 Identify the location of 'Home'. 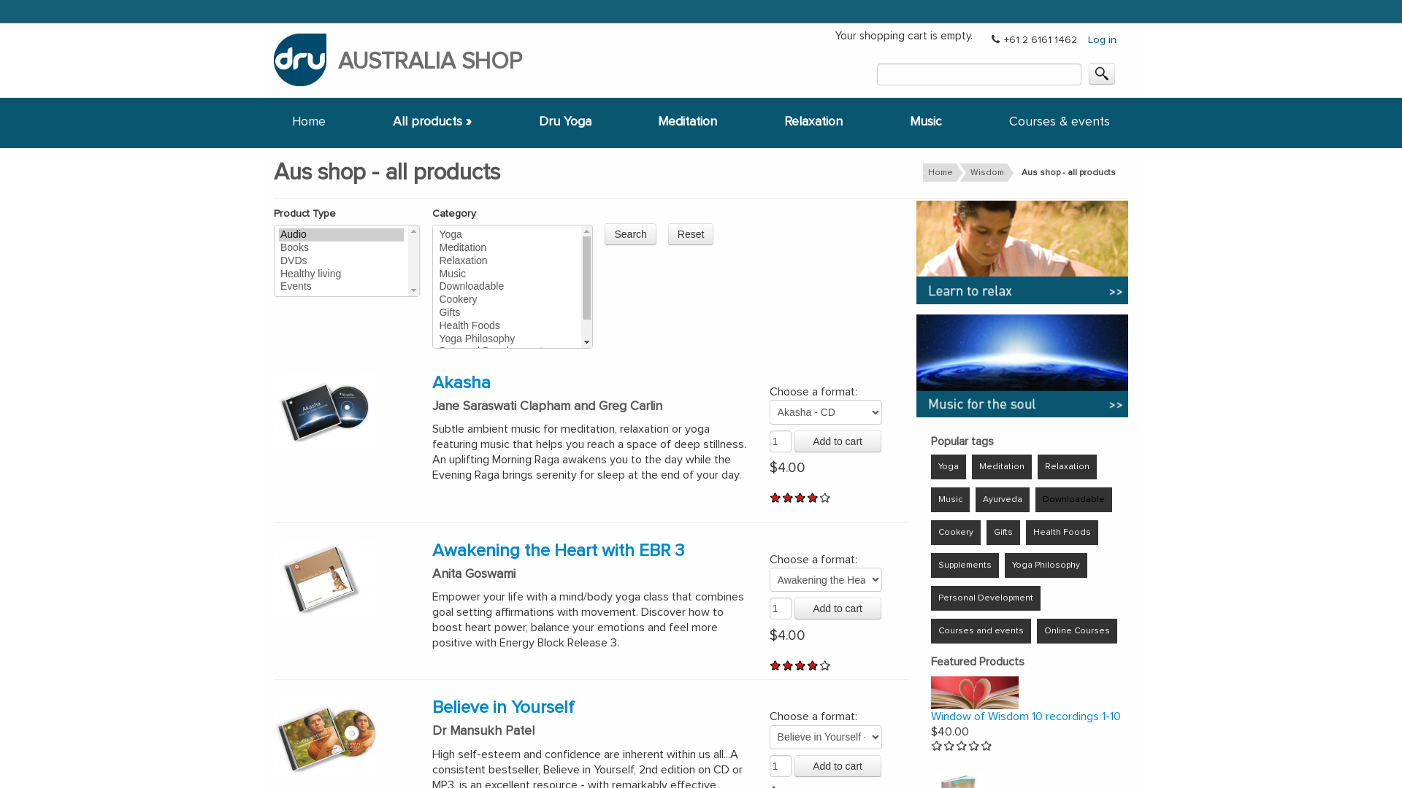
(307, 119).